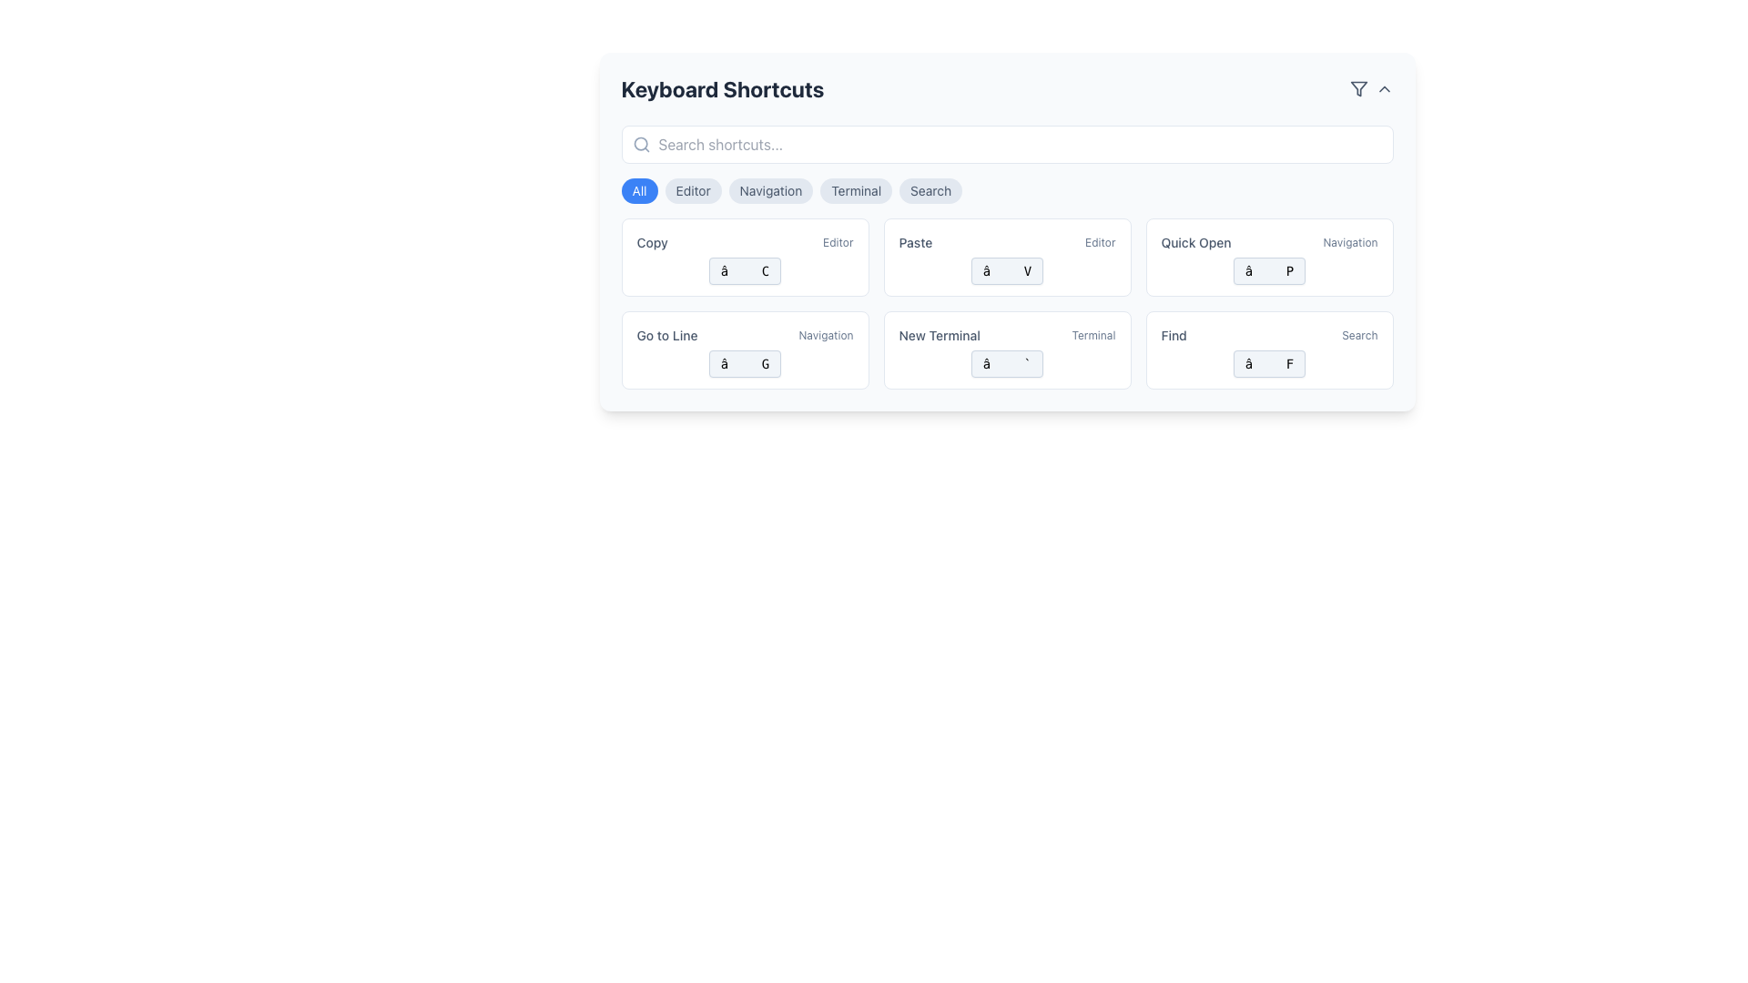  What do you see at coordinates (745, 257) in the screenshot?
I see `the copy shortcut button located in the top-left area of the grid, adjacent to the 'Paste' button and above the 'Go to Line' button` at bounding box center [745, 257].